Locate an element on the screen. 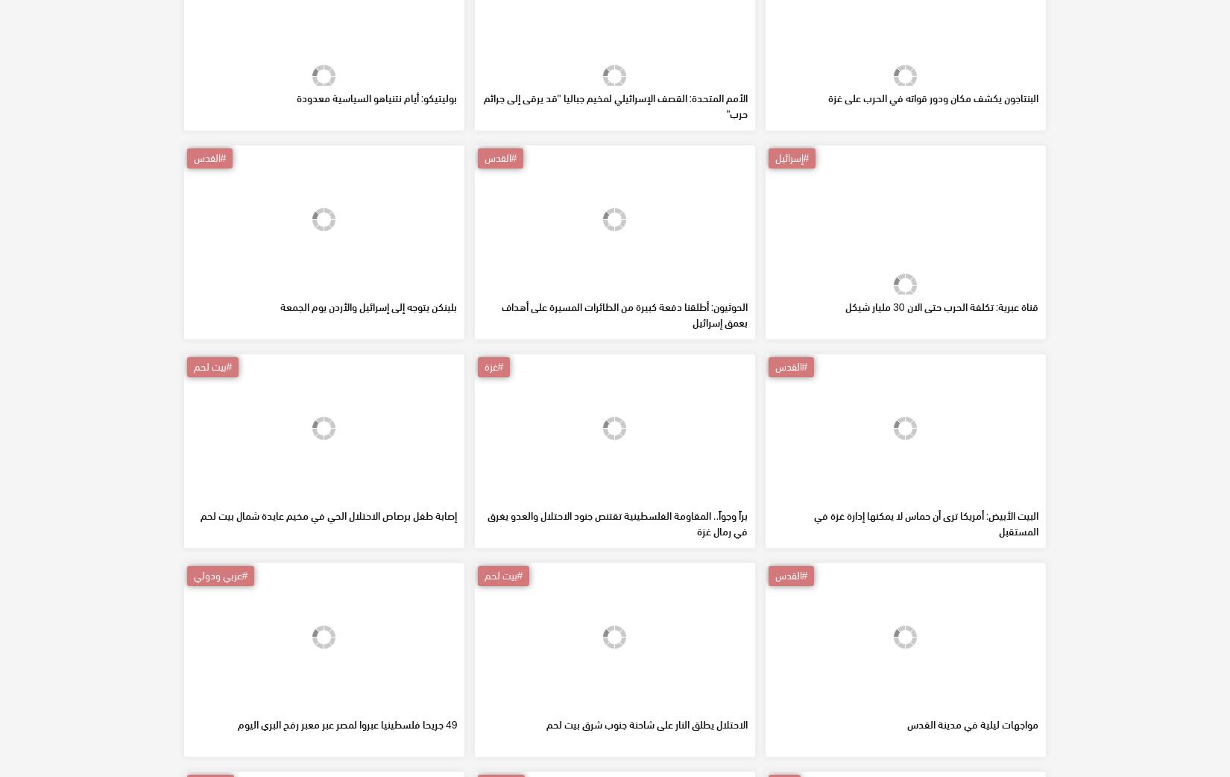 The width and height of the screenshot is (1230, 777). '#إسرائيل' is located at coordinates (791, 264).